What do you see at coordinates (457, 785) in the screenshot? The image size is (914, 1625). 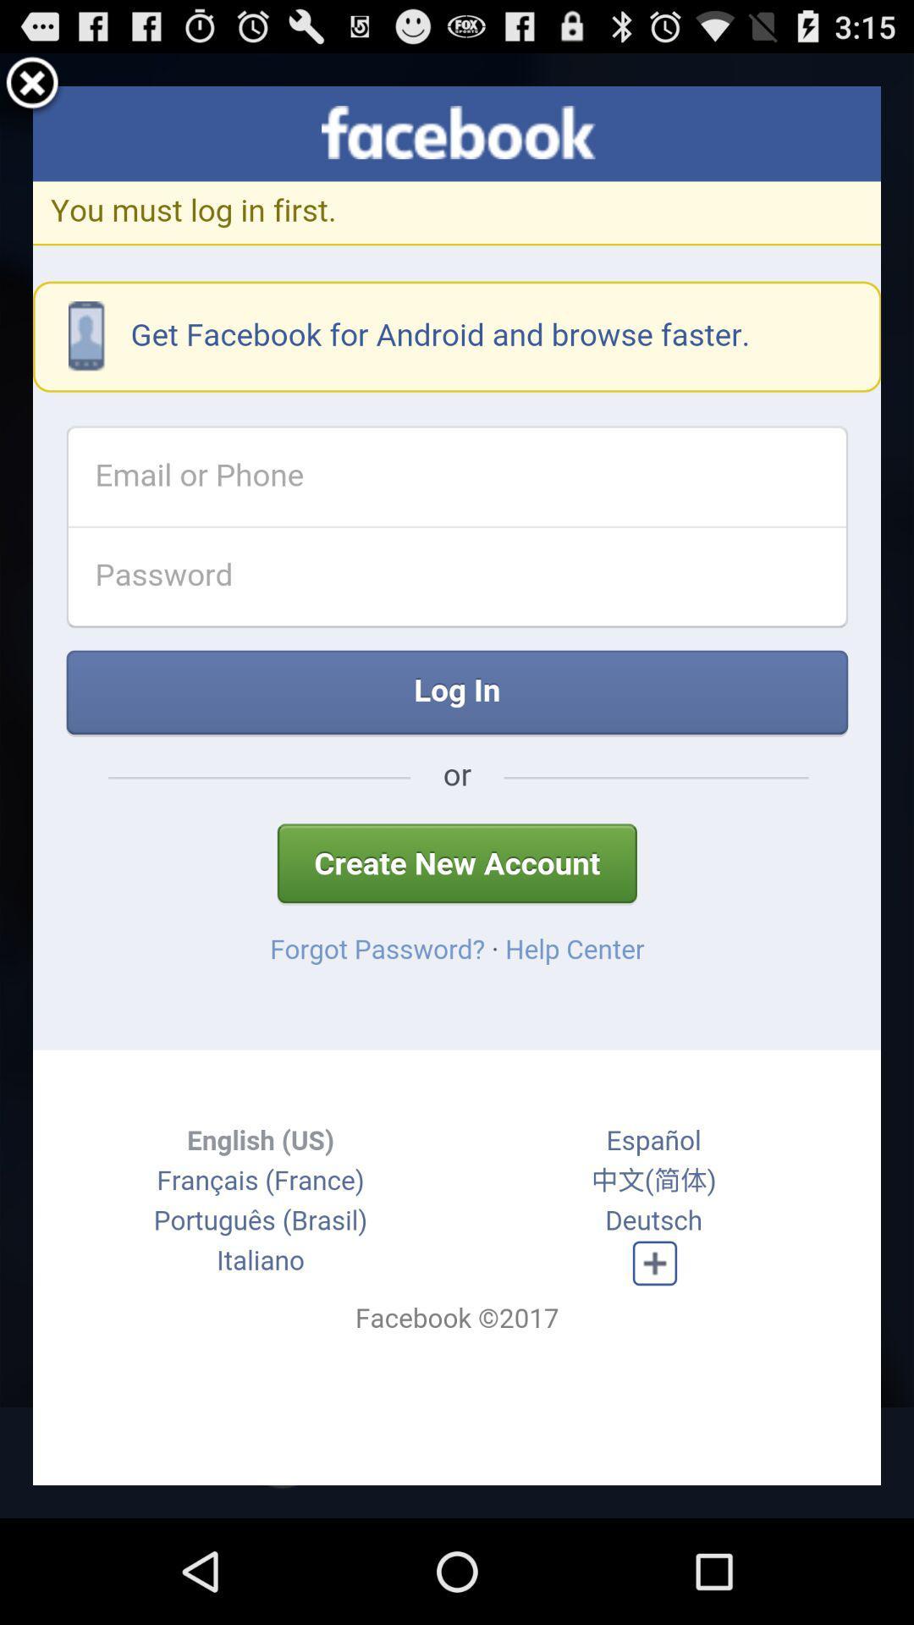 I see `description` at bounding box center [457, 785].